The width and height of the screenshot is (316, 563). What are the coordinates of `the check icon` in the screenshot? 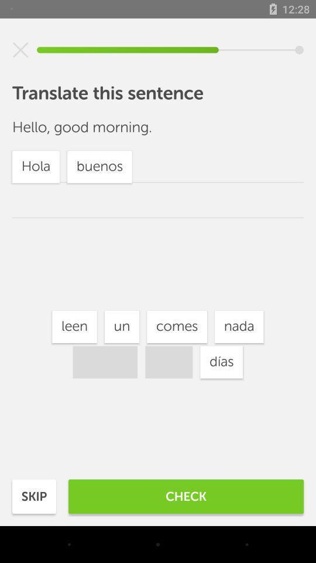 It's located at (186, 496).